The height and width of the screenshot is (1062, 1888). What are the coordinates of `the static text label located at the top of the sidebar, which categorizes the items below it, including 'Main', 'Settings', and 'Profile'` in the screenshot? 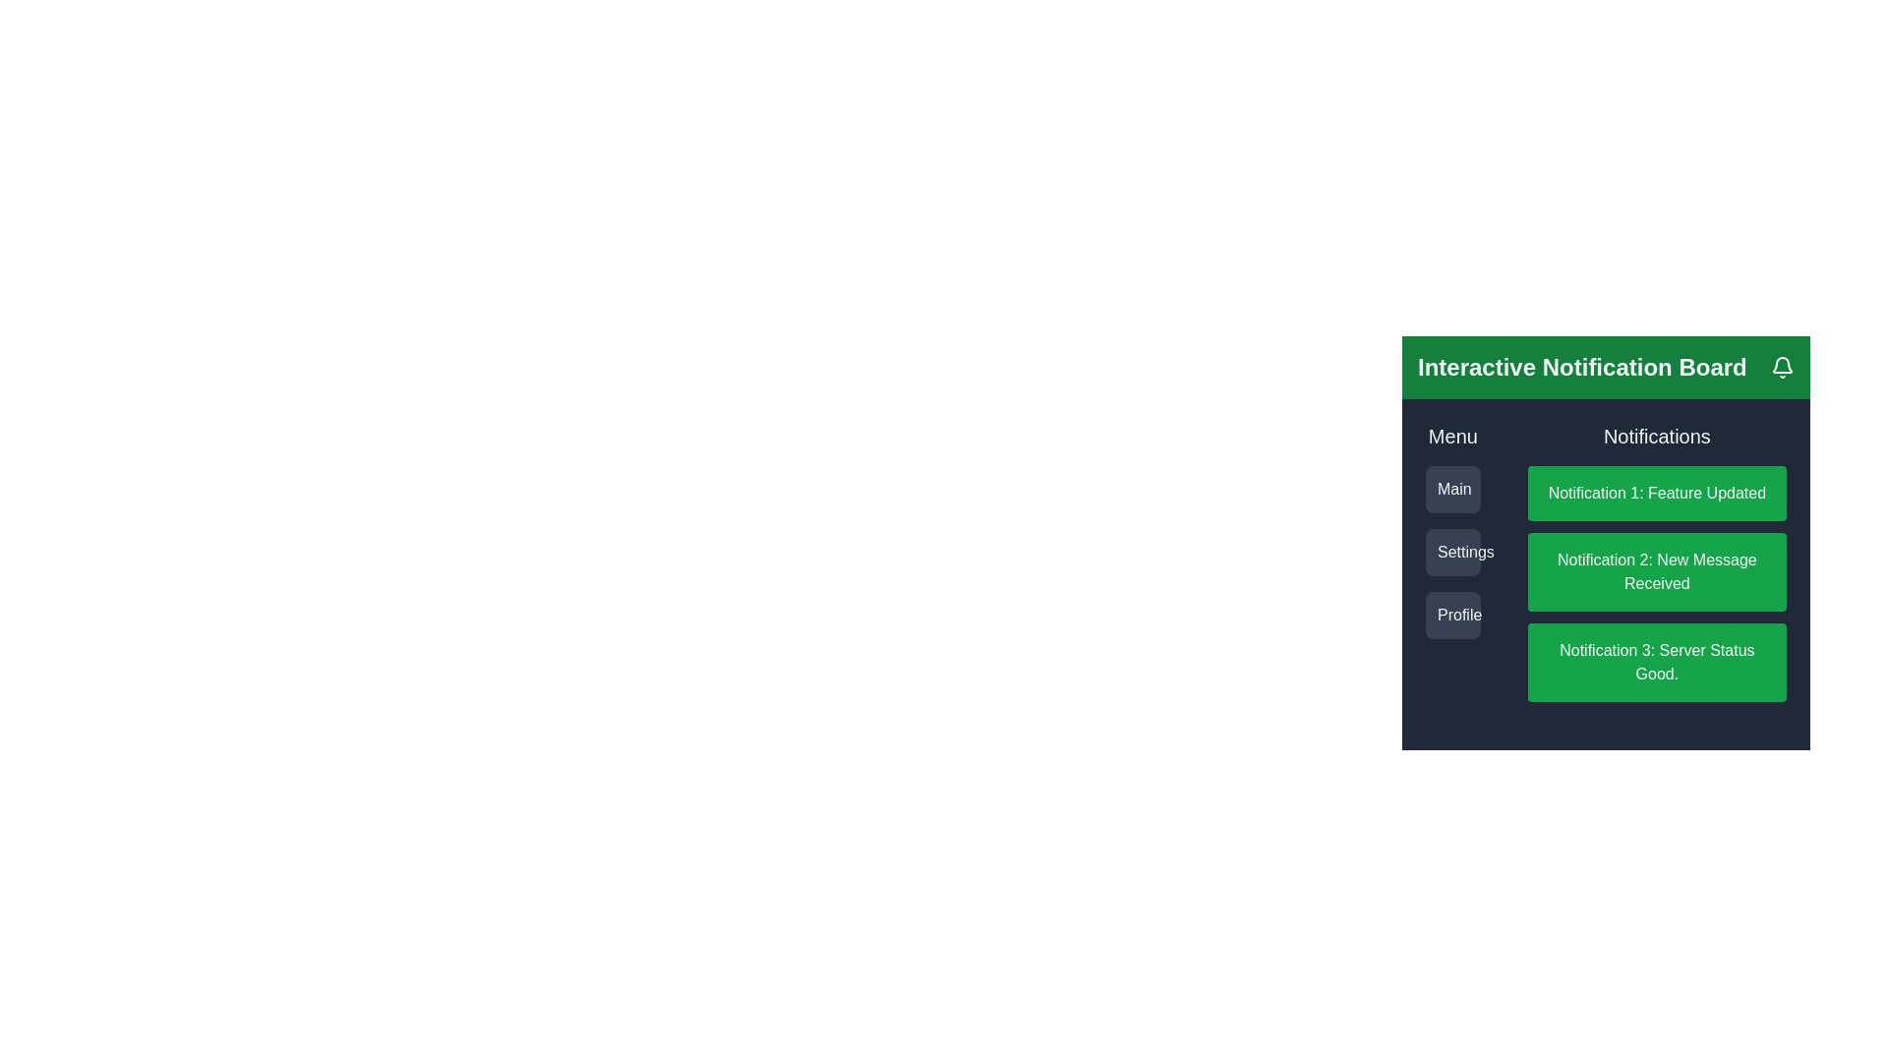 It's located at (1452, 435).